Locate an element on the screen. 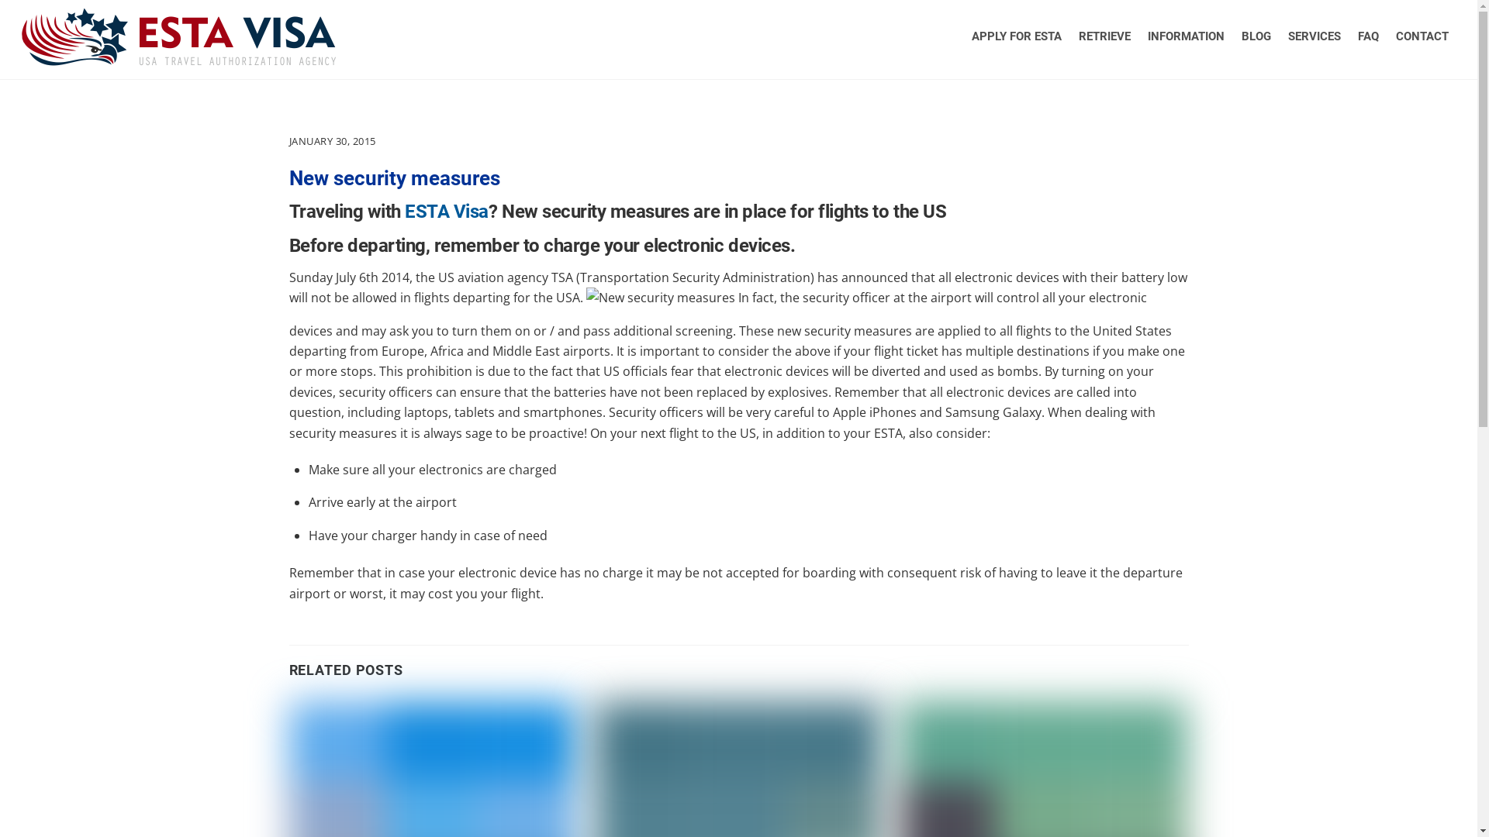 The image size is (1489, 837). 'FAQ' is located at coordinates (1368, 35).